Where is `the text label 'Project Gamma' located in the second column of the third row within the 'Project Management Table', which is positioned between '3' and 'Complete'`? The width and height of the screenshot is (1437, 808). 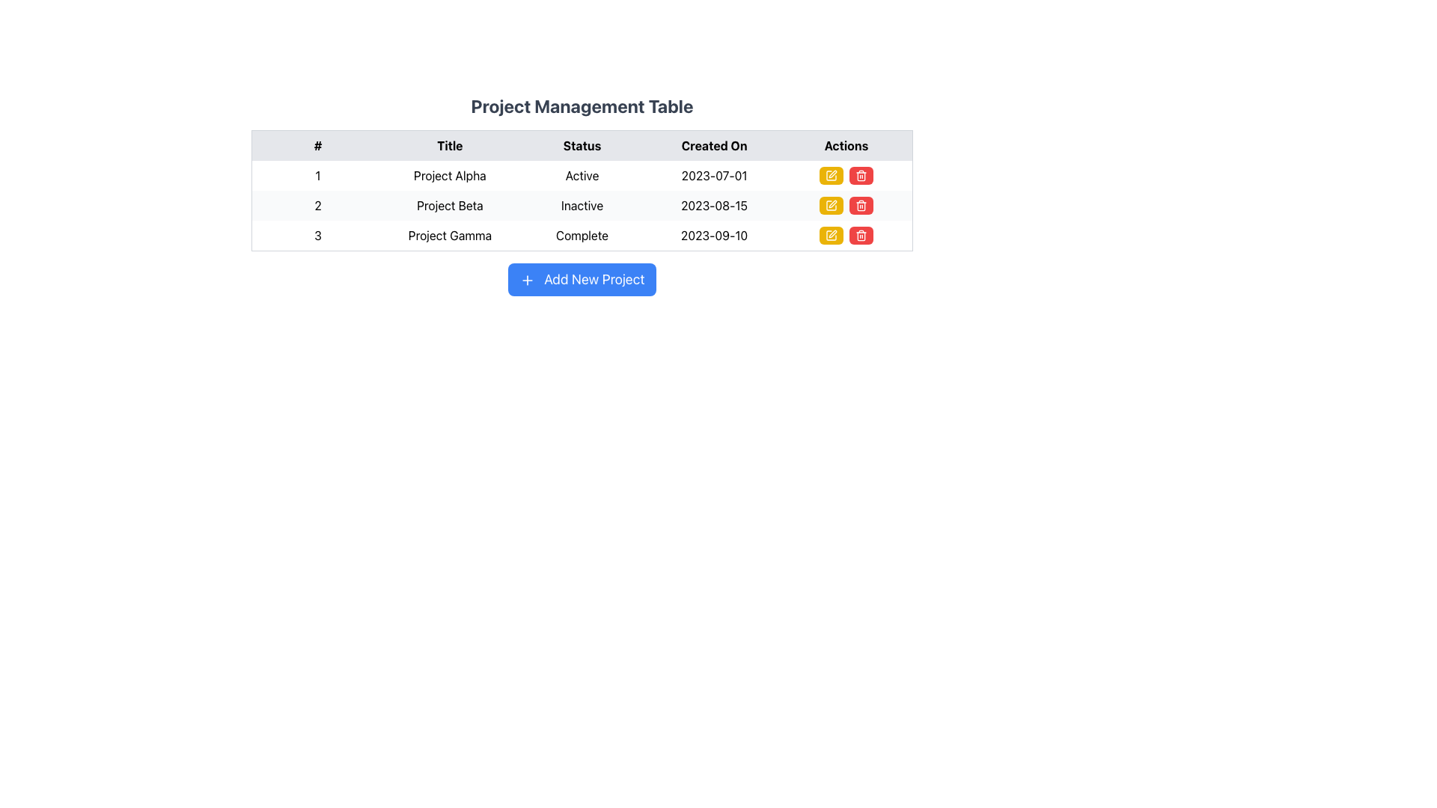
the text label 'Project Gamma' located in the second column of the third row within the 'Project Management Table', which is positioned between '3' and 'Complete' is located at coordinates (449, 236).